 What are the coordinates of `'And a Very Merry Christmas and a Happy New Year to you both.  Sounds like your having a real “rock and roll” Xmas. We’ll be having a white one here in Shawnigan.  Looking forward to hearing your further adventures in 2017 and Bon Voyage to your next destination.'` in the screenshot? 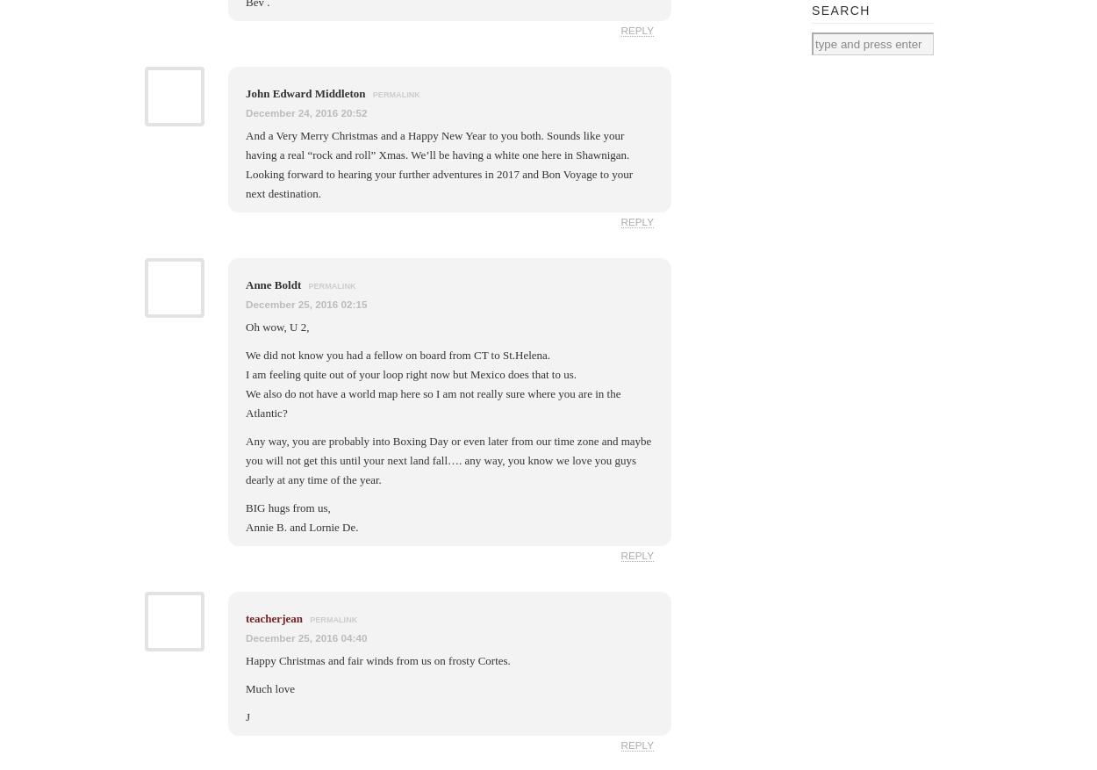 It's located at (439, 164).